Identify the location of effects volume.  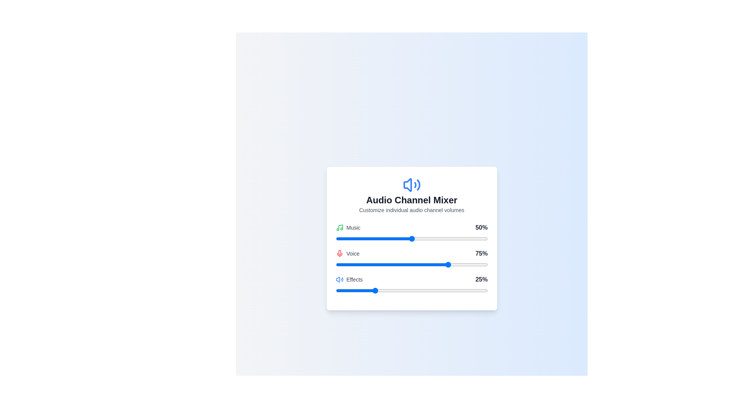
(392, 291).